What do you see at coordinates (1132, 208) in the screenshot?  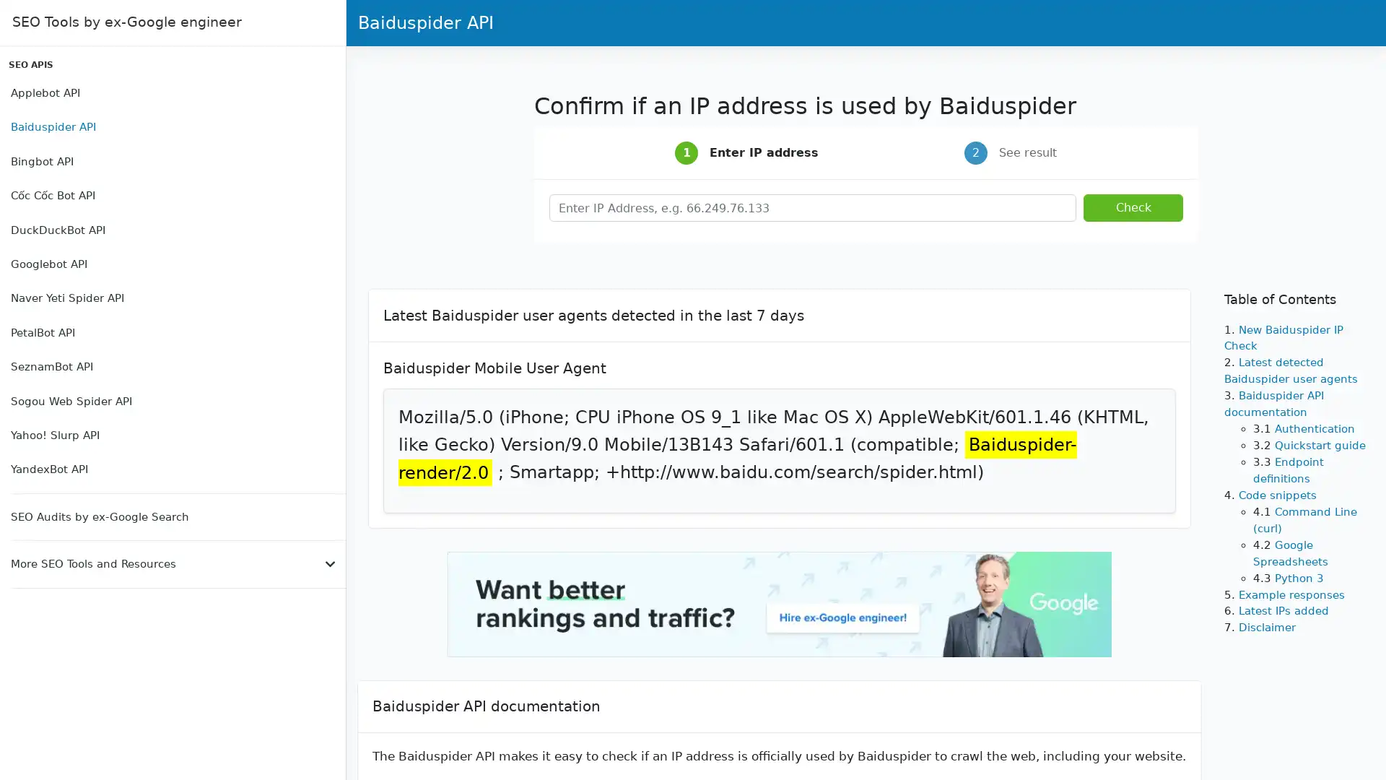 I see `Check` at bounding box center [1132, 208].